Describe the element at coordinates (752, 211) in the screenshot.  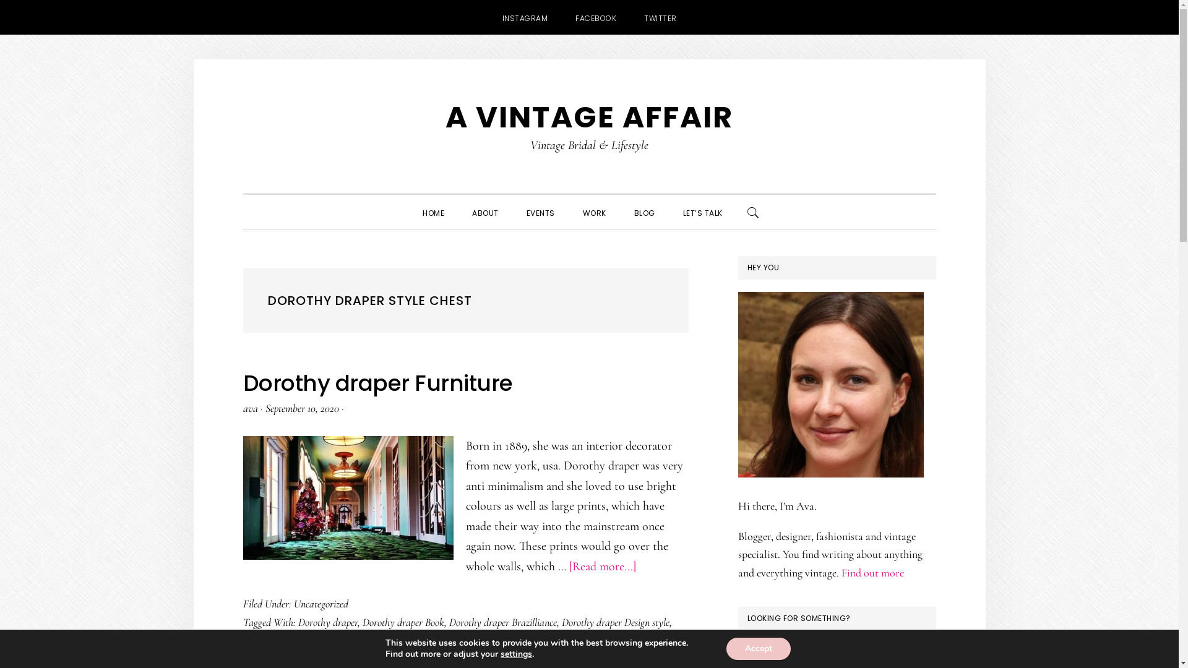
I see `'SHOW SEARCH'` at that location.